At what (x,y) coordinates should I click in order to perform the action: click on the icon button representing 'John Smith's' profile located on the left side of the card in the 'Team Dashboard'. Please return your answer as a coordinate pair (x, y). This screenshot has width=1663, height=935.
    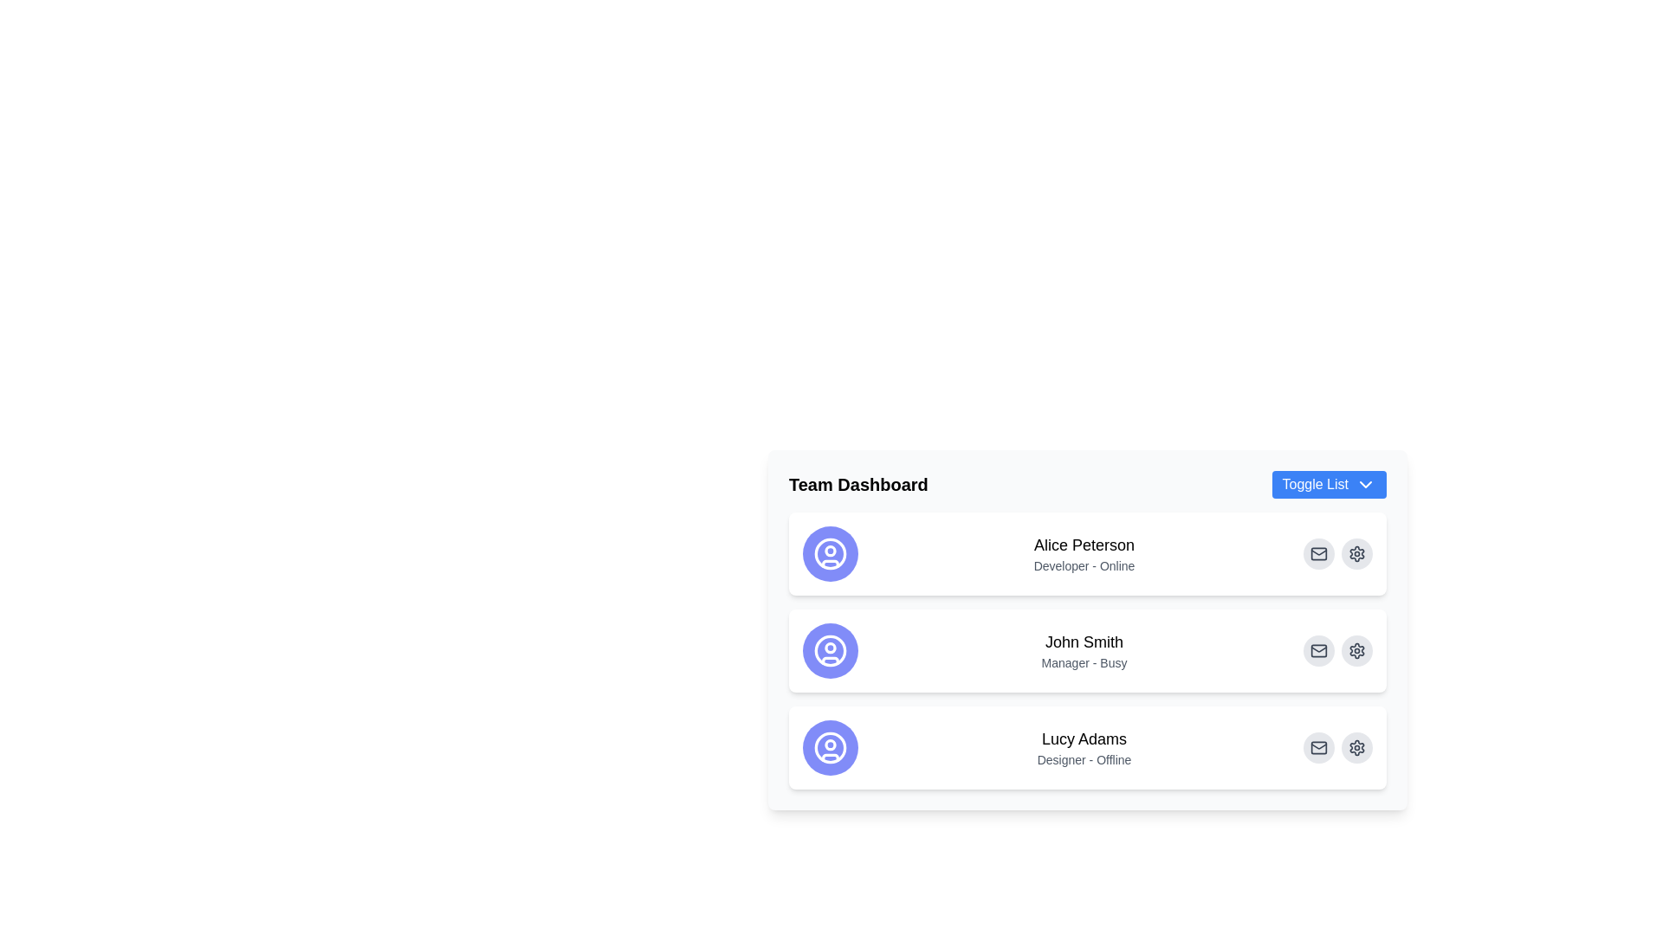
    Looking at the image, I should click on (830, 651).